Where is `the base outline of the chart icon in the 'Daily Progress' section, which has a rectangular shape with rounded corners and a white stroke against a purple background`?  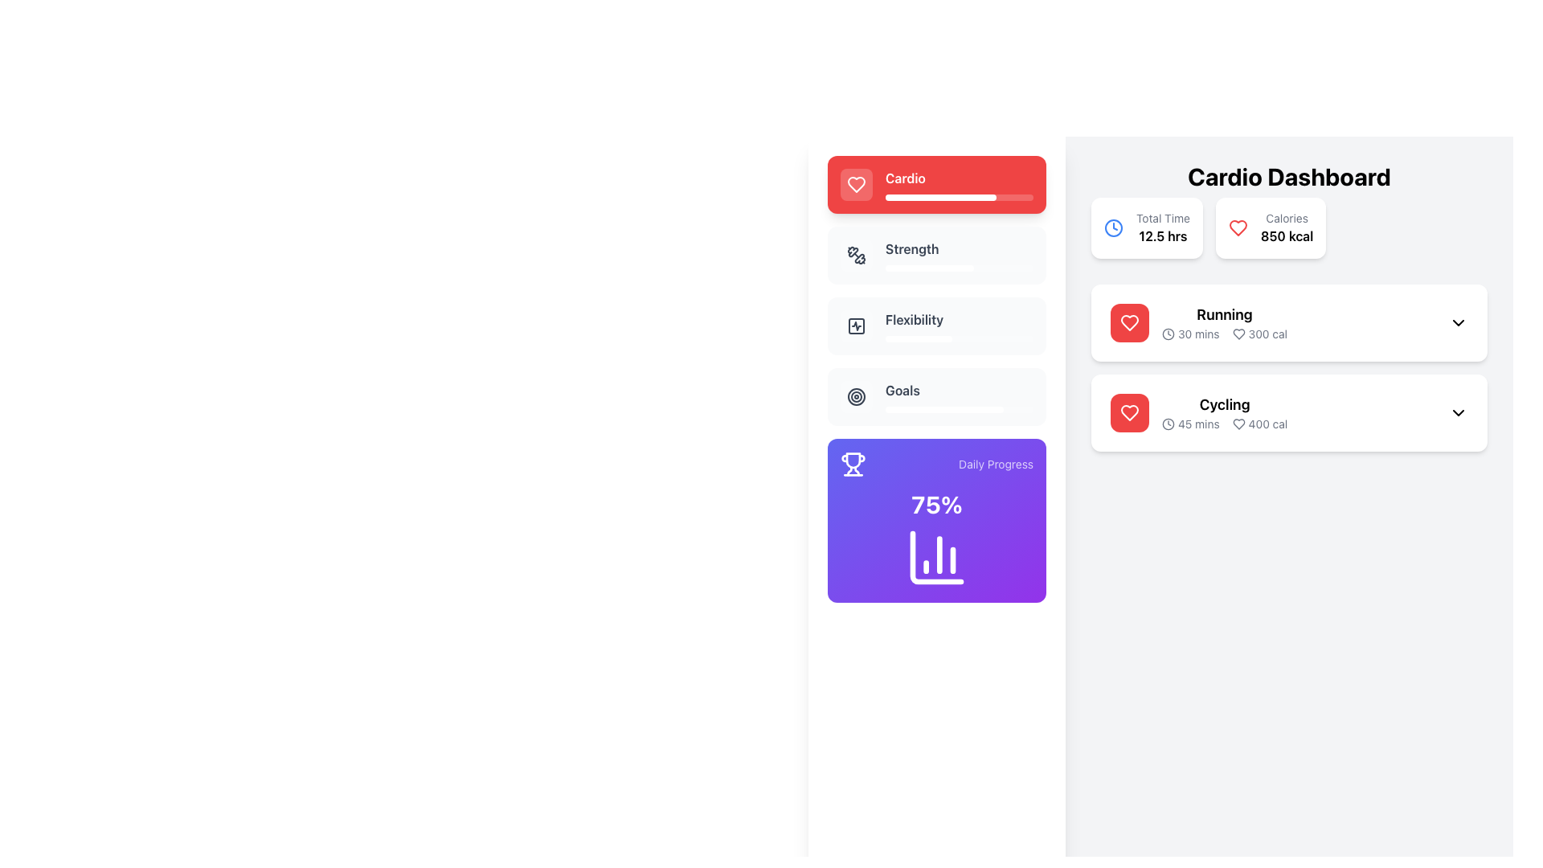 the base outline of the chart icon in the 'Daily Progress' section, which has a rectangular shape with rounded corners and a white stroke against a purple background is located at coordinates (937, 557).